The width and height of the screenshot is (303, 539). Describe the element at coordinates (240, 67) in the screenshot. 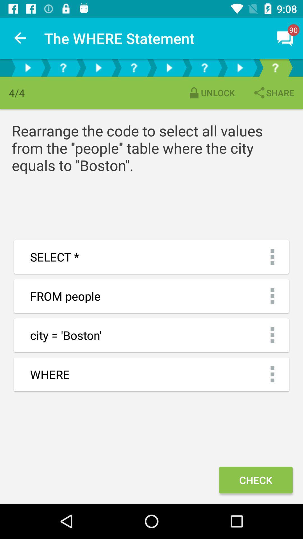

I see `the play icon` at that location.